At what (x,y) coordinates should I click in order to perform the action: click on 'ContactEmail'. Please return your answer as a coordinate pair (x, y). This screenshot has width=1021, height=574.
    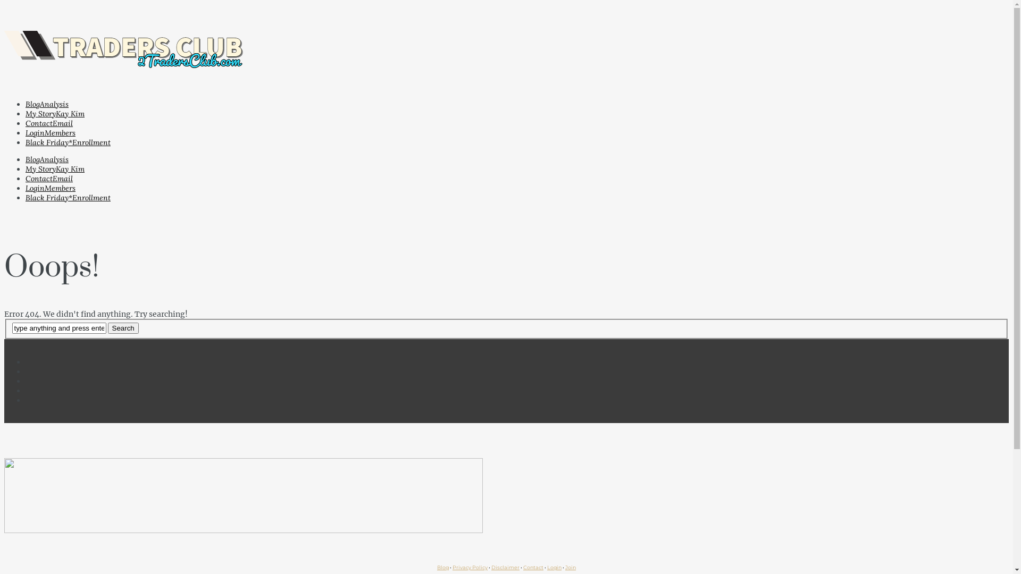
    Looking at the image, I should click on (26, 122).